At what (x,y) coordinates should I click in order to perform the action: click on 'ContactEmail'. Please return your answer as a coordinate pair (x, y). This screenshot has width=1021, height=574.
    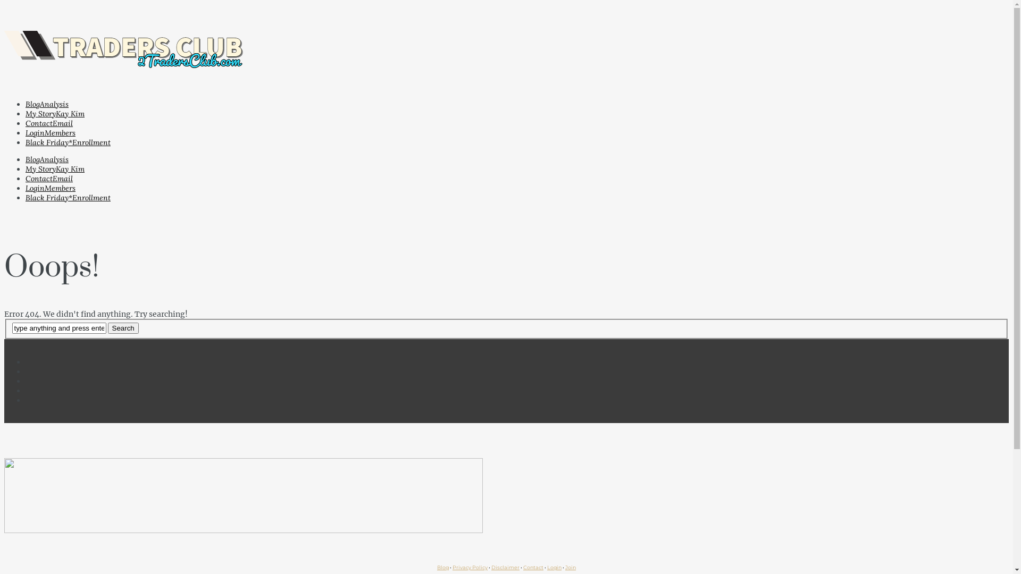
    Looking at the image, I should click on (26, 122).